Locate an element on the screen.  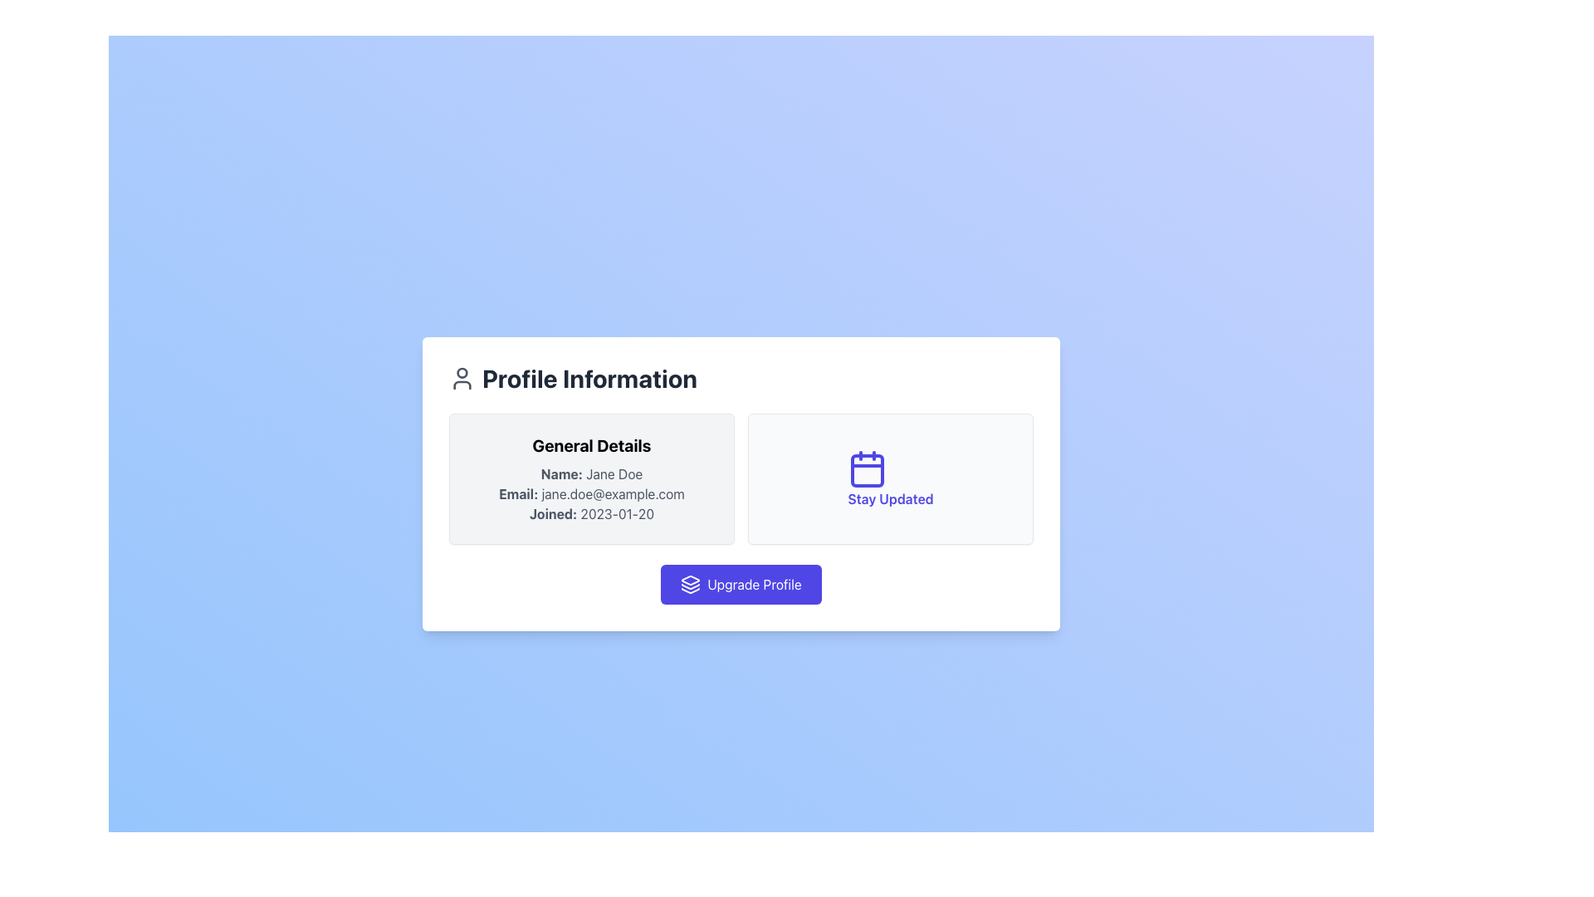
the middle graphical icon component that visually represents a layer in the stack of graphical layers near the center of the page is located at coordinates (691, 586).